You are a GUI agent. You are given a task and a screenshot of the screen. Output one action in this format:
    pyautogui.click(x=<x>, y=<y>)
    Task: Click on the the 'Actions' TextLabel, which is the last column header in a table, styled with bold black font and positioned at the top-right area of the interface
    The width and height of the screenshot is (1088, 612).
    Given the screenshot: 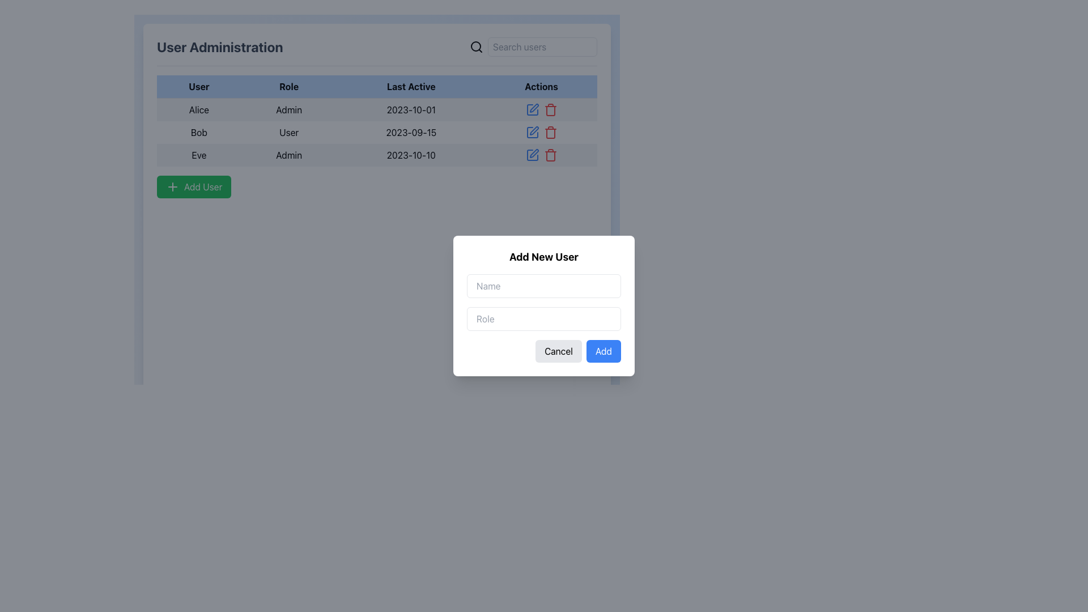 What is the action you would take?
    pyautogui.click(x=541, y=86)
    